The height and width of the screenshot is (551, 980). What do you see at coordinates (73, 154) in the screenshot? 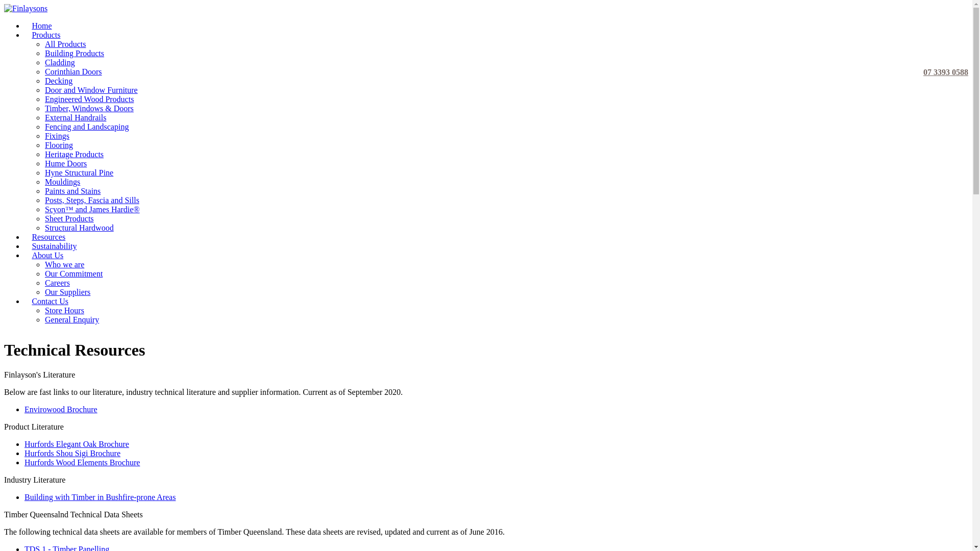
I see `'Heritage Products'` at bounding box center [73, 154].